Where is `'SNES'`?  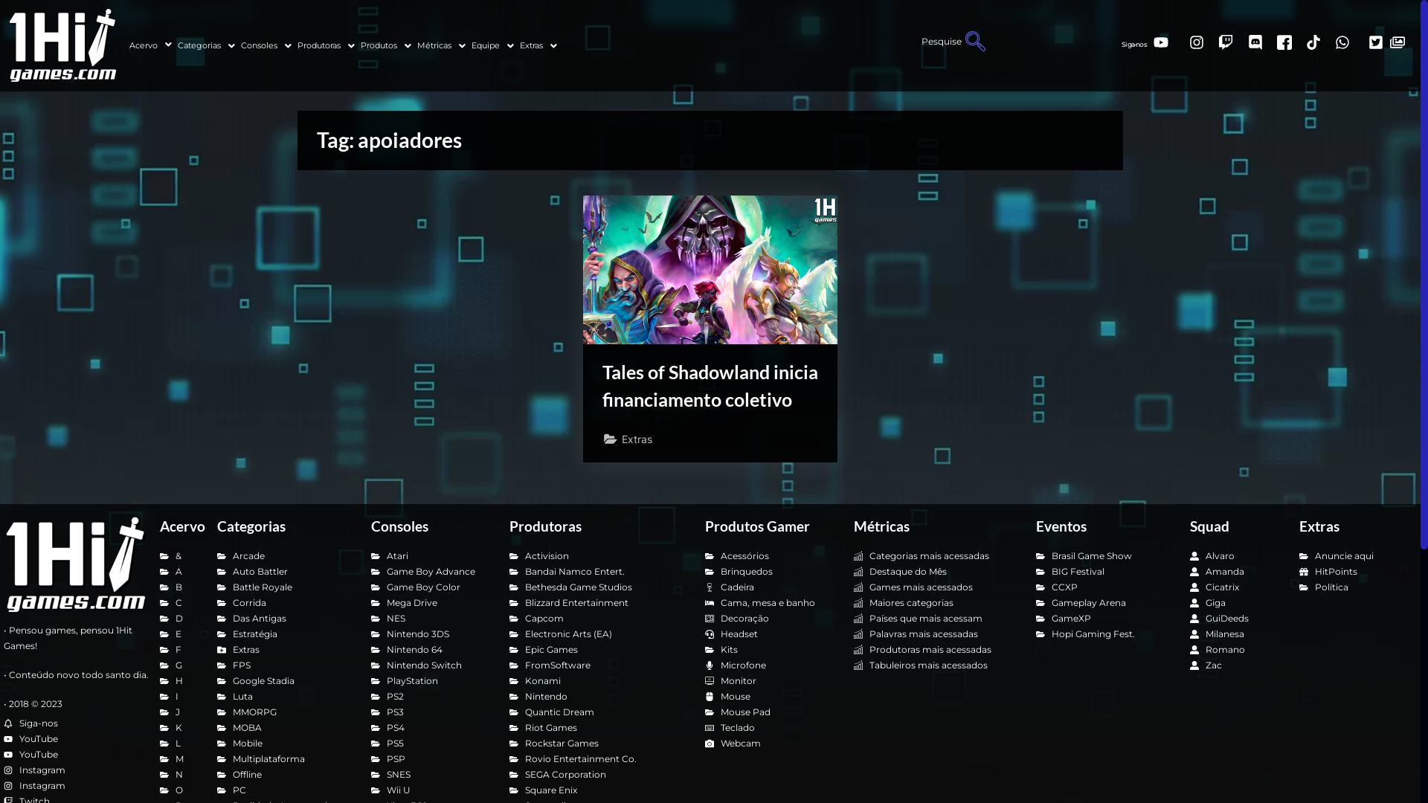
'SNES' is located at coordinates (371, 773).